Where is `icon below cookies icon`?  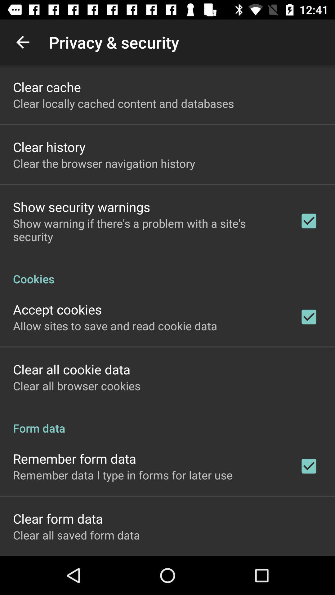 icon below cookies icon is located at coordinates (57, 309).